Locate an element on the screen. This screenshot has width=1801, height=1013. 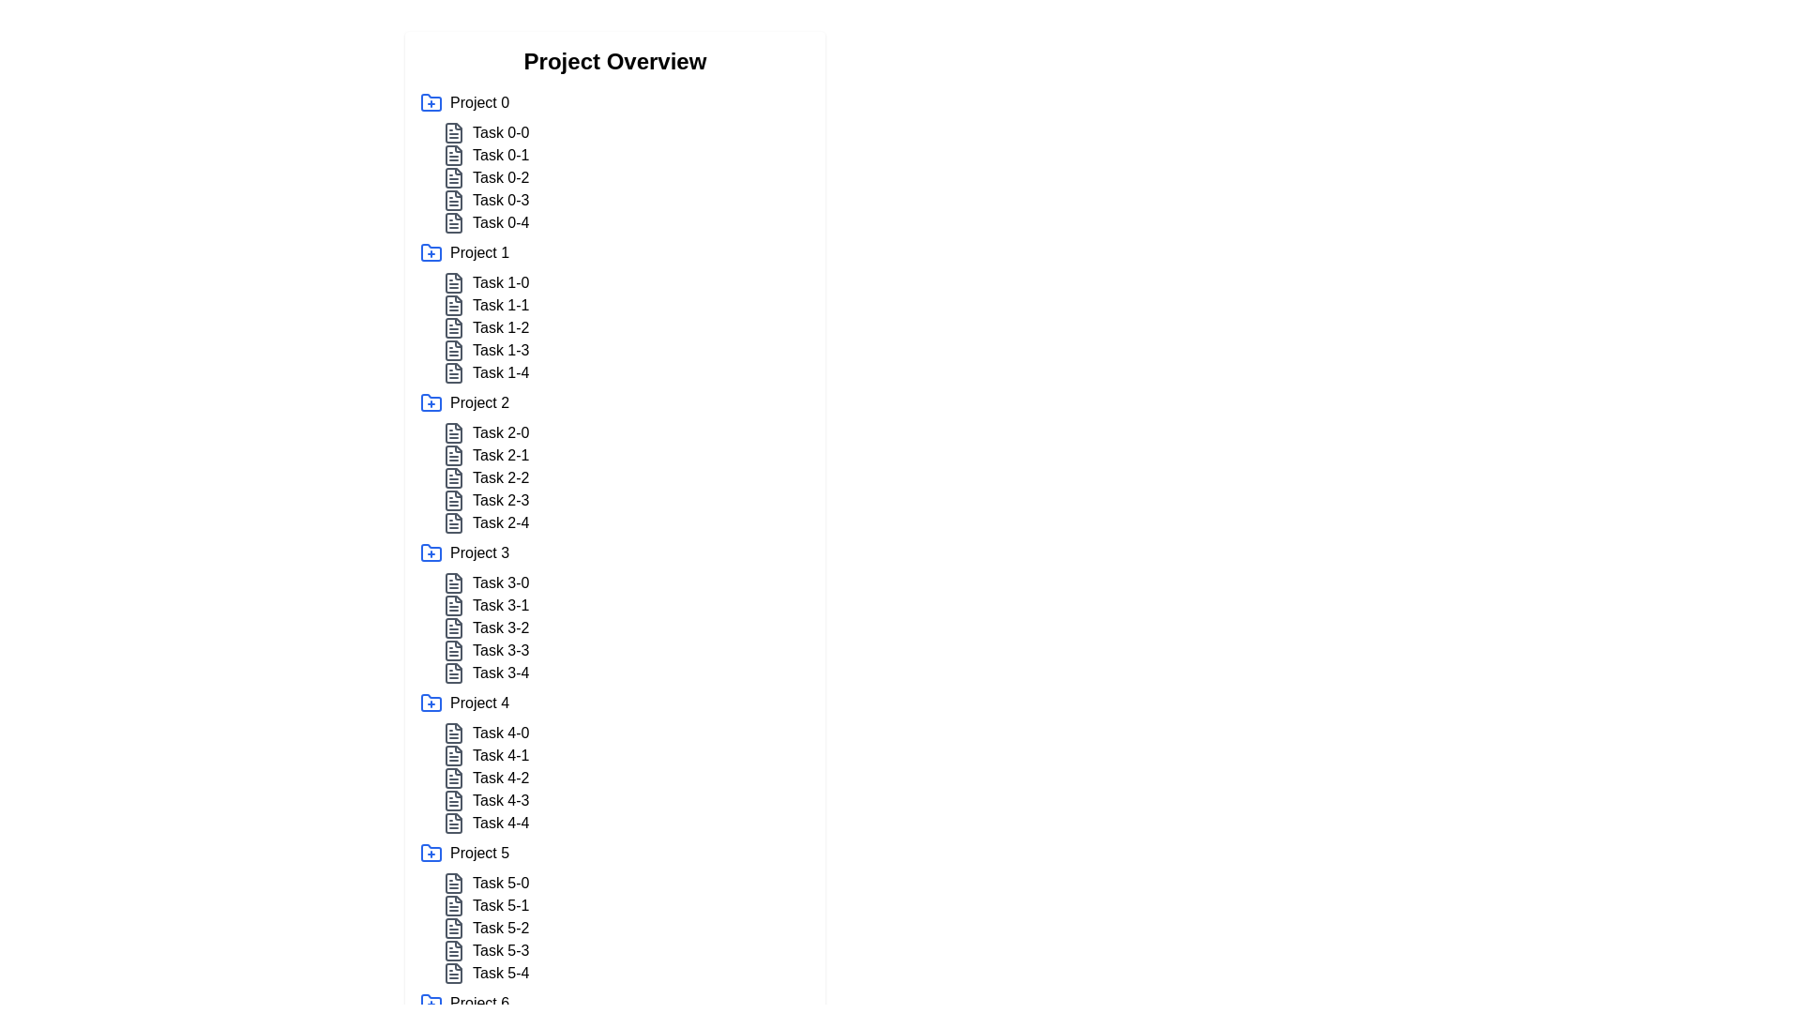
the text label displaying 'Task 4-0' under 'Project 4', which has a document icon to its left is located at coordinates (501, 733).